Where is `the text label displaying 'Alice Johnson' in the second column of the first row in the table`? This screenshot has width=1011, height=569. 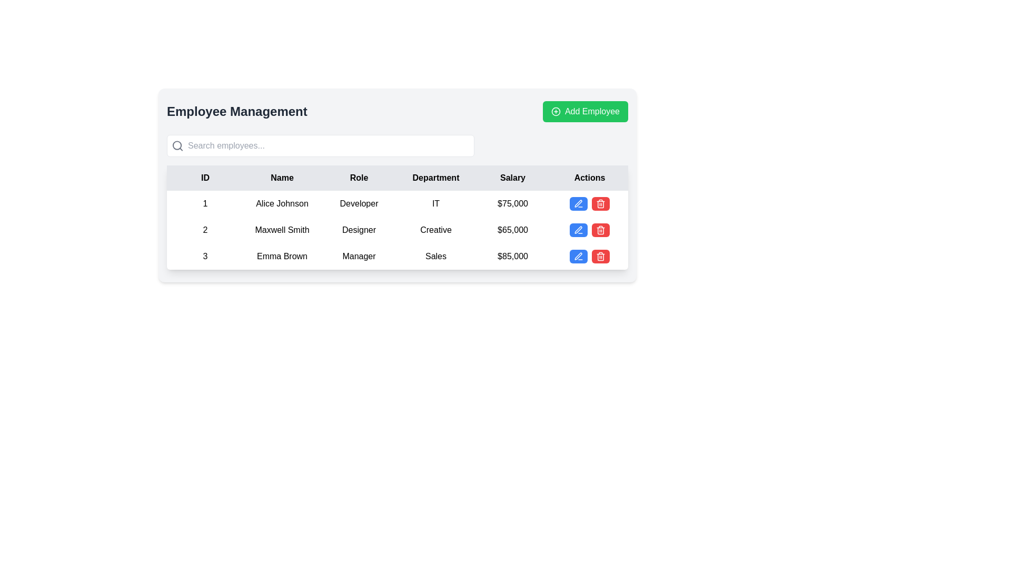 the text label displaying 'Alice Johnson' in the second column of the first row in the table is located at coordinates (282, 203).